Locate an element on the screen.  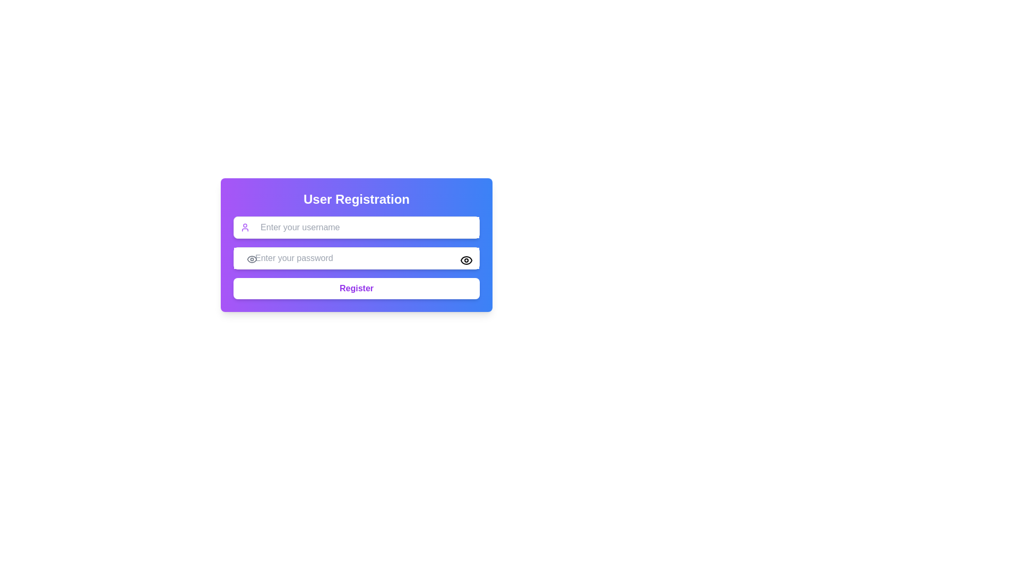
the outer contour of the eye icon located to the right of the 'Enter your password' input field in the 'User Registration' form is located at coordinates (466, 260).